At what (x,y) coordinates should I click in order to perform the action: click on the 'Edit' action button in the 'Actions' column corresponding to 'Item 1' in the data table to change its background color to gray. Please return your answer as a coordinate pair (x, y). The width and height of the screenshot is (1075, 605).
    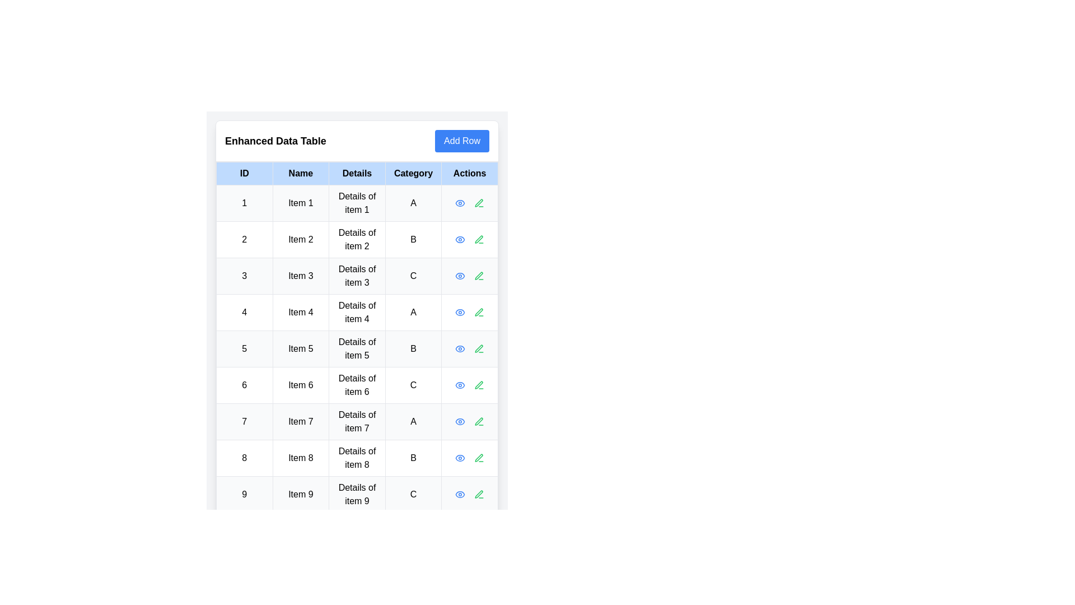
    Looking at the image, I should click on (479, 203).